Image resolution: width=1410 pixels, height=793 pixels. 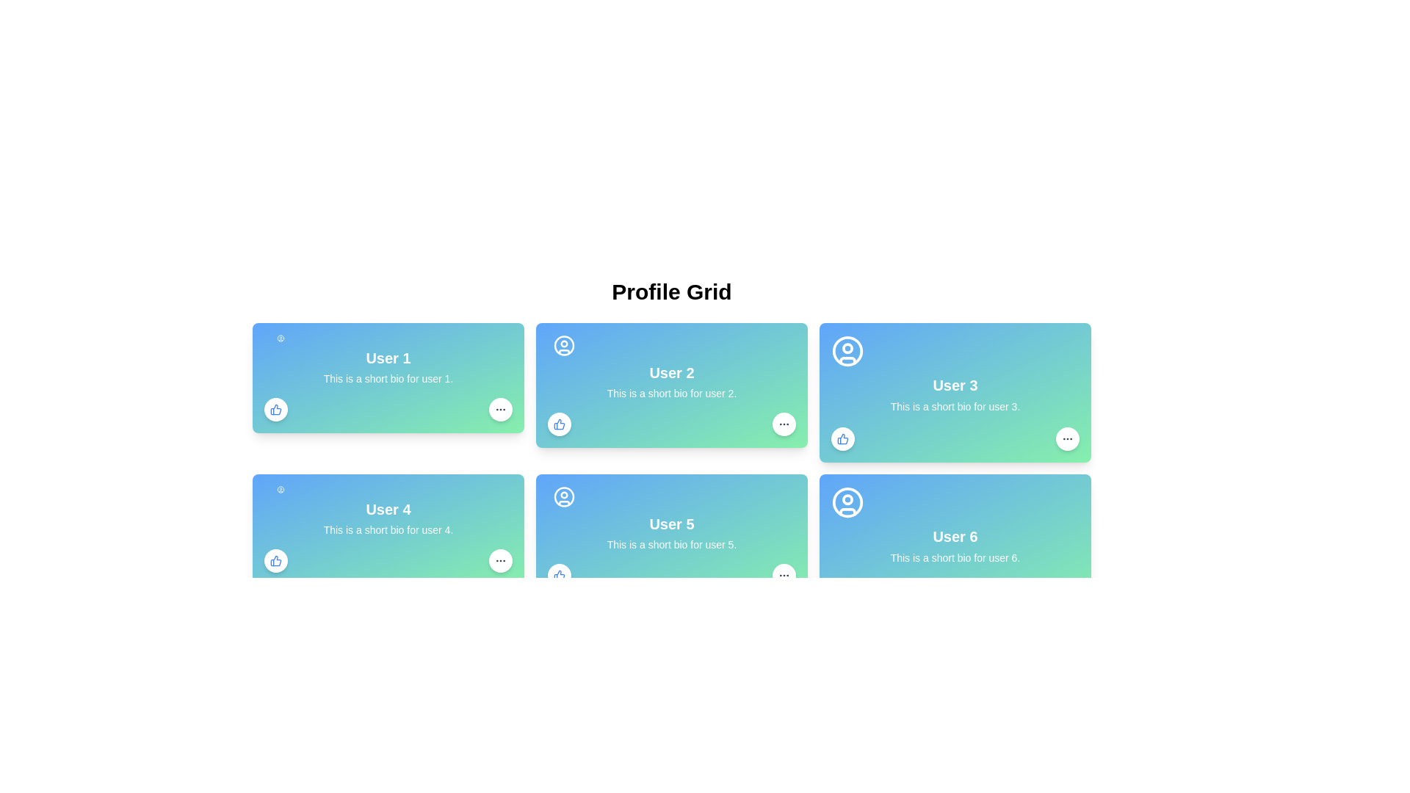 What do you see at coordinates (388, 509) in the screenshot?
I see `text from the Text Label that identifies the user as 'User 4', located in the second row and first column of a grid layout within a card component` at bounding box center [388, 509].